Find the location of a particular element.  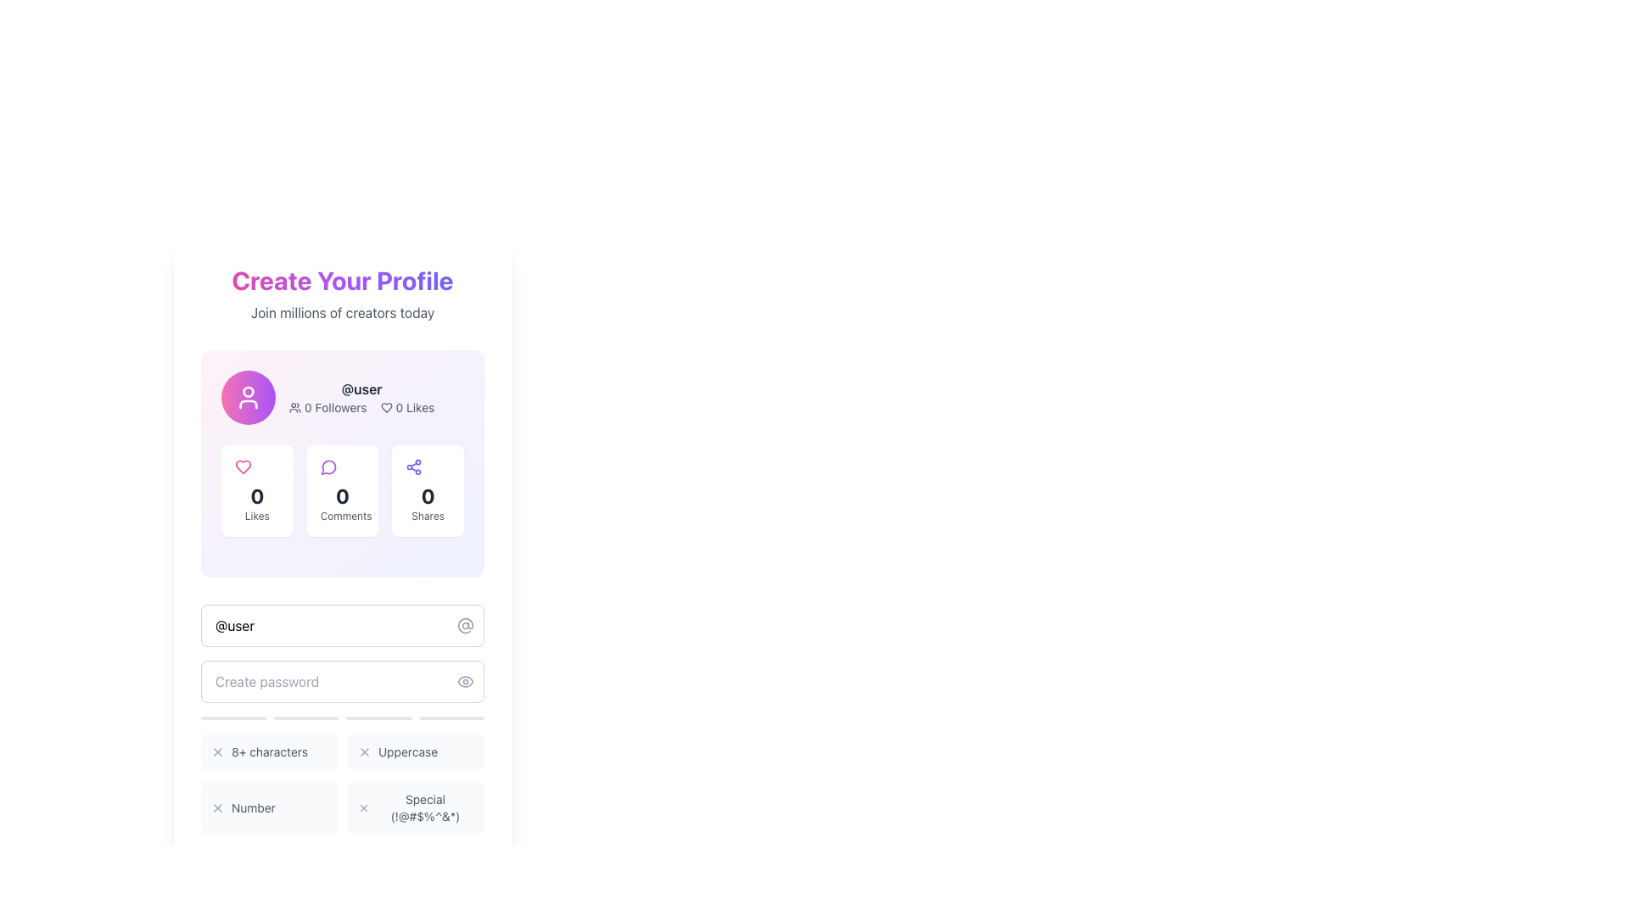

the progress bar that visually indicates the fulfillment of password requirements, positioned below the 'Create password' input field and above the grid of password requirements is located at coordinates (341, 718).